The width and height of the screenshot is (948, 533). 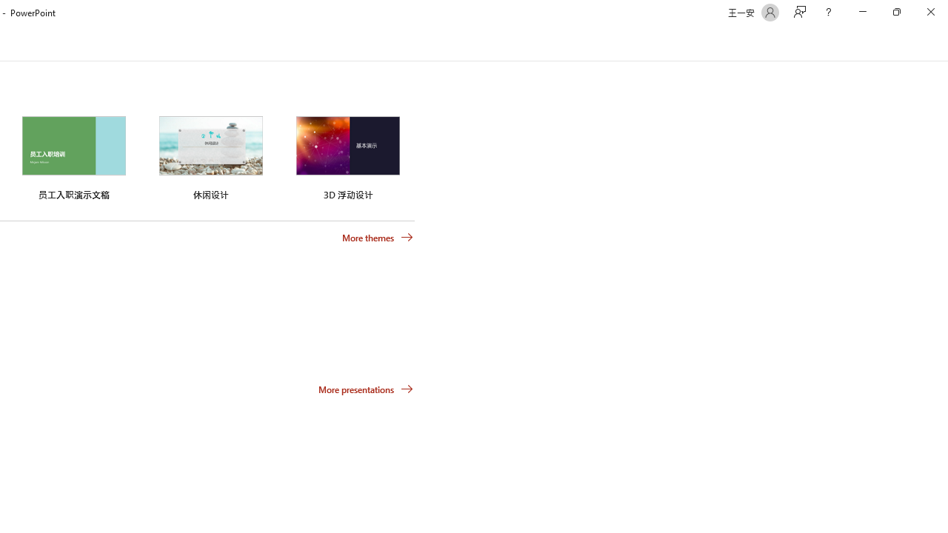 What do you see at coordinates (366, 388) in the screenshot?
I see `'More presentations'` at bounding box center [366, 388].